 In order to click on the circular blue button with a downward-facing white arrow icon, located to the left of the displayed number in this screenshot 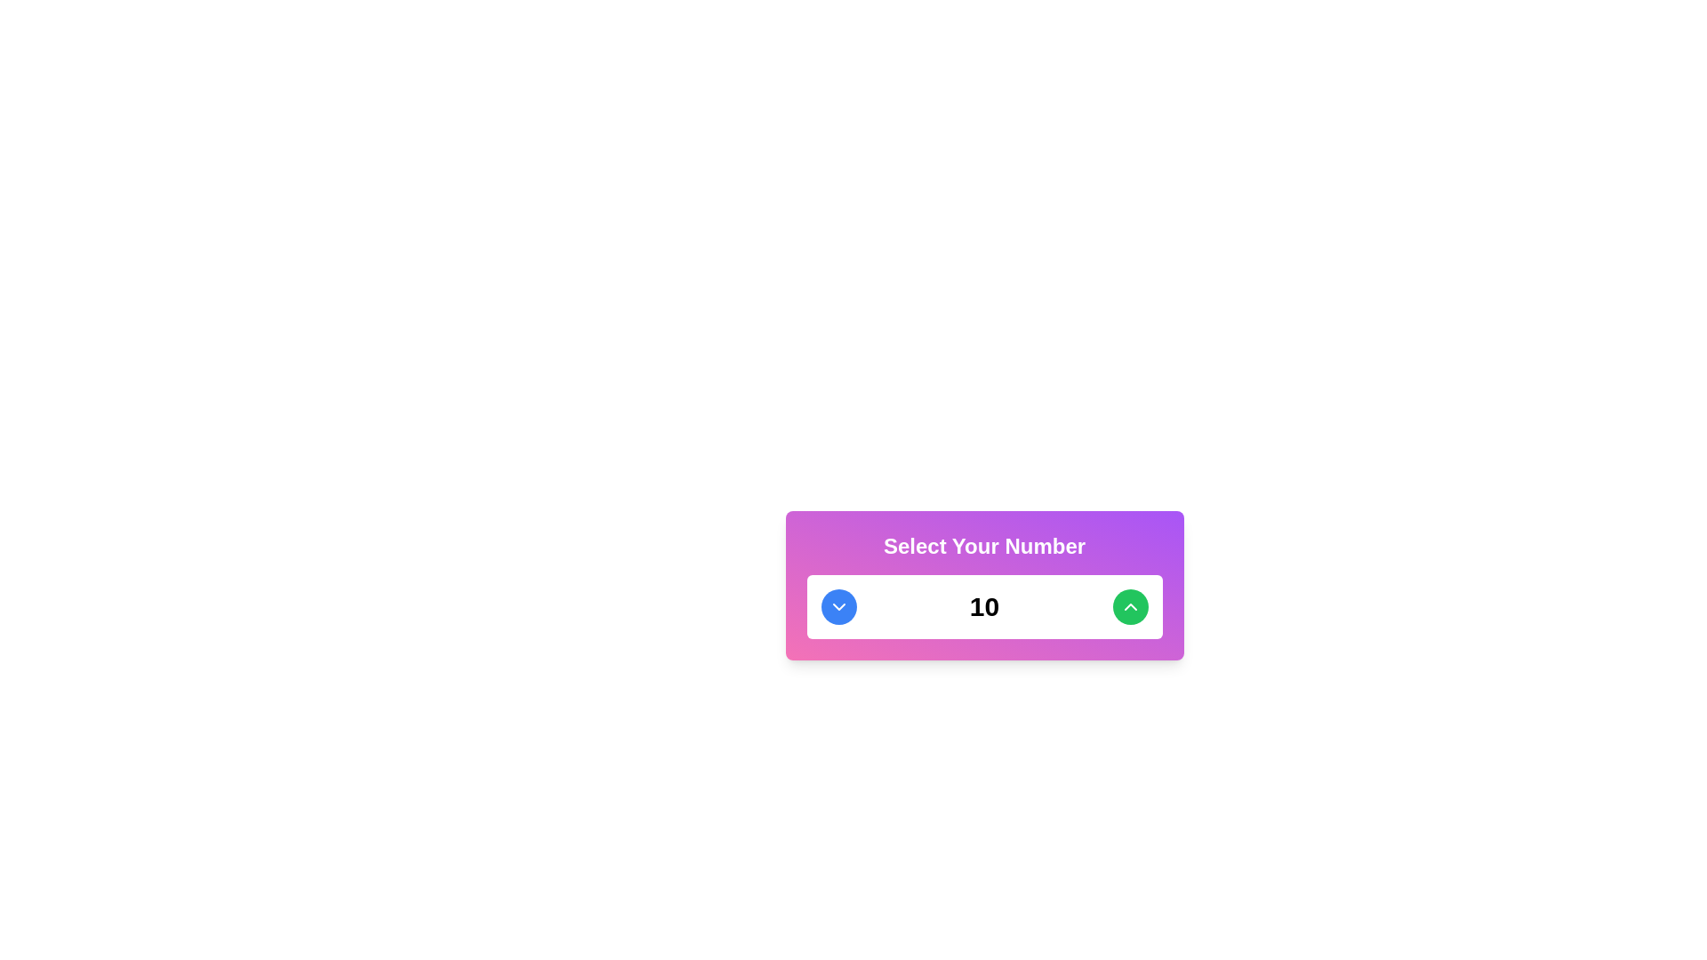, I will do `click(837, 605)`.